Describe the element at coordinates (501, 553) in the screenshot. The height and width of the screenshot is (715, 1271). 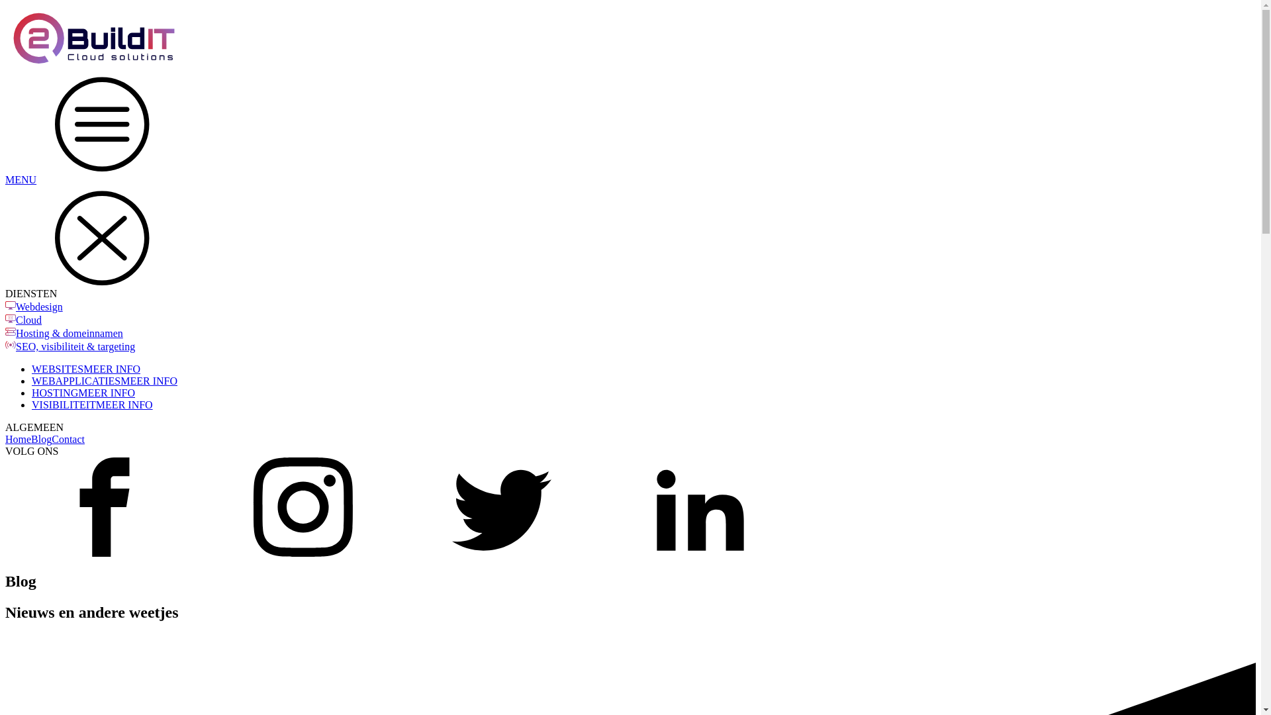
I see `'Visit our Twitter'` at that location.